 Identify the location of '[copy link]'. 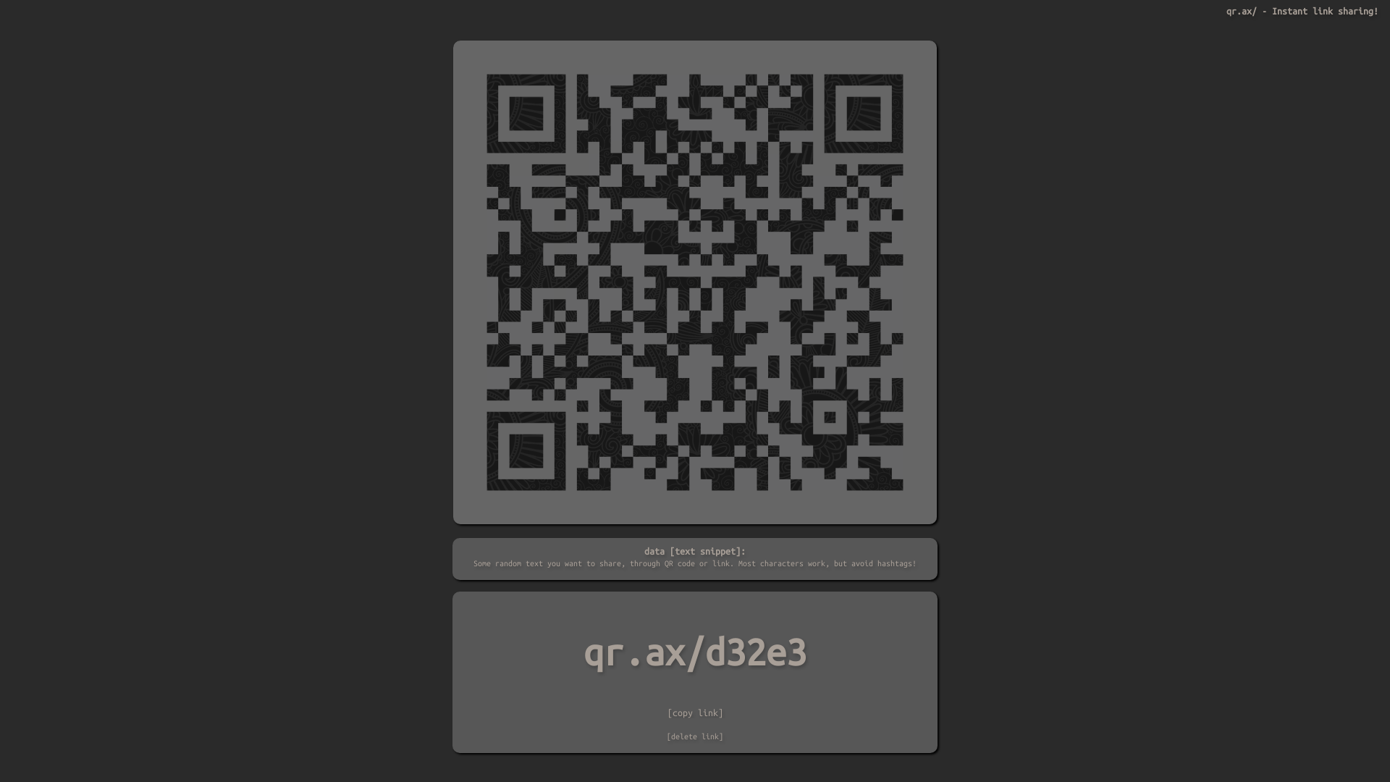
(695, 711).